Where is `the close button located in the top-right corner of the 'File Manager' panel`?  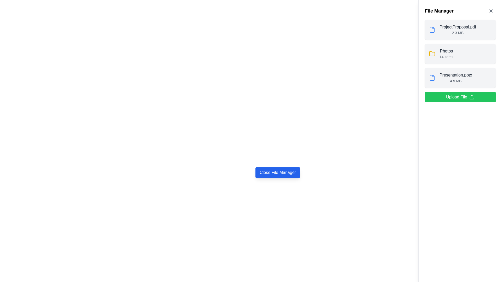 the close button located in the top-right corner of the 'File Manager' panel is located at coordinates (490, 11).